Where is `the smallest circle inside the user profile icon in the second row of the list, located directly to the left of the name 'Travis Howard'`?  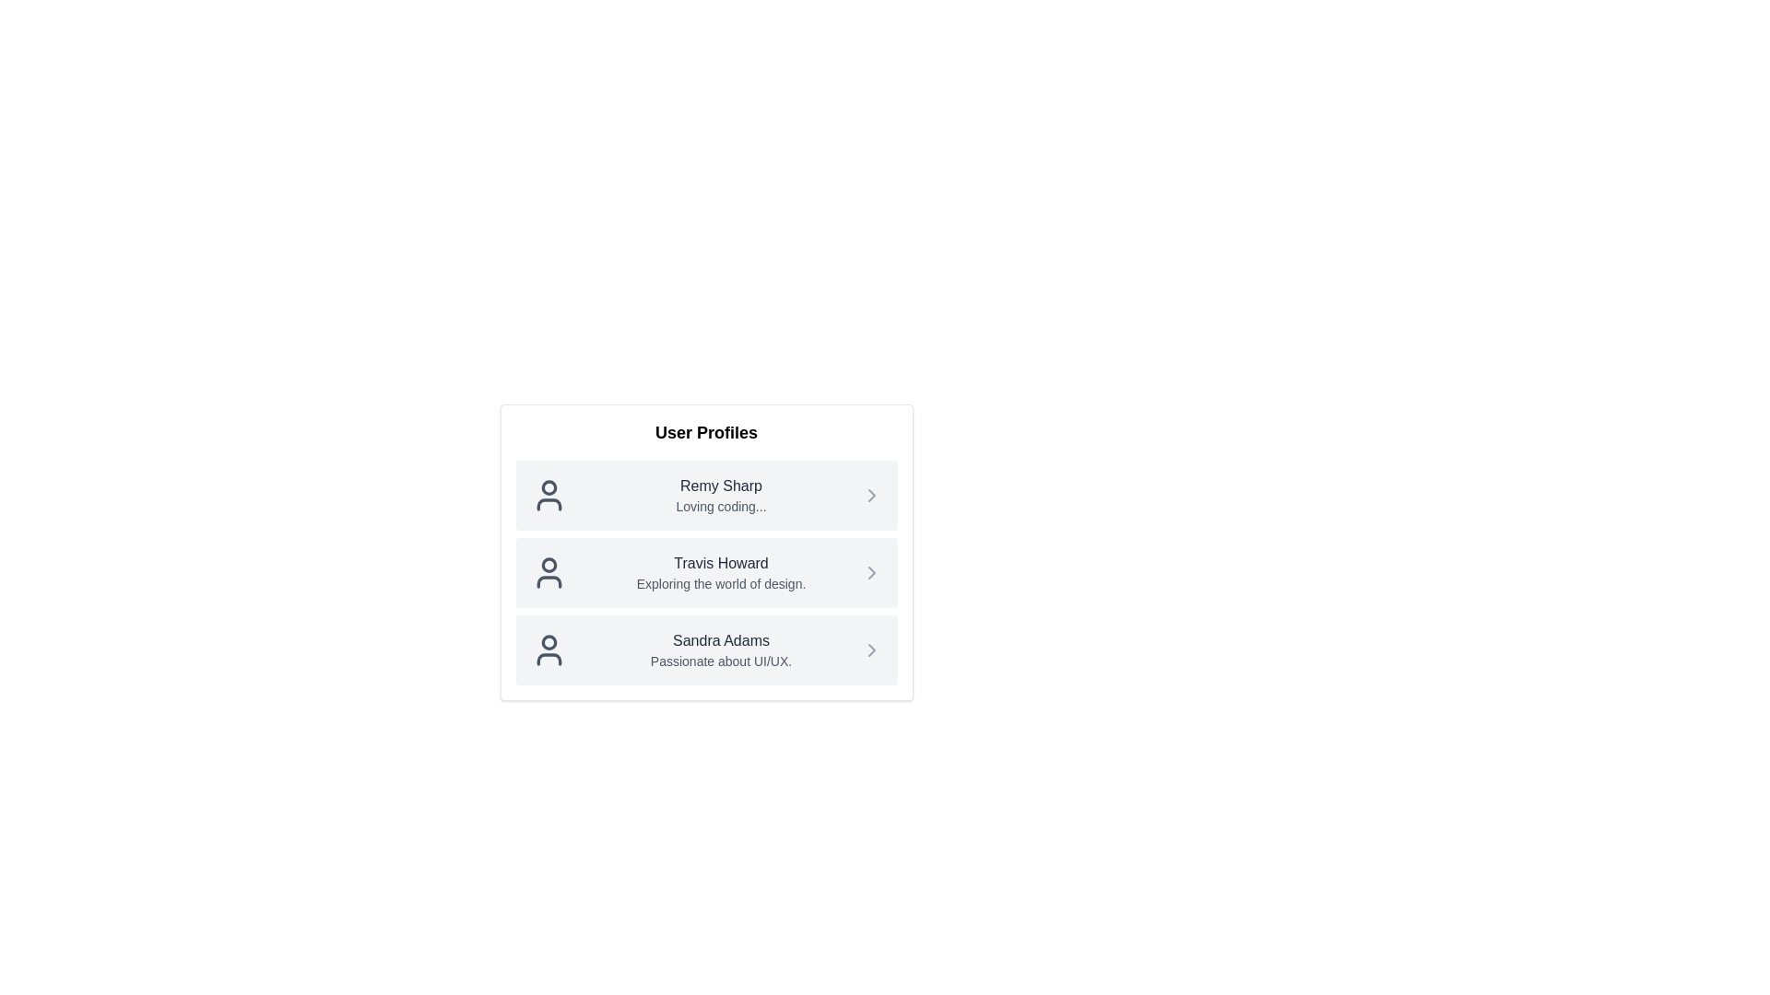 the smallest circle inside the user profile icon in the second row of the list, located directly to the left of the name 'Travis Howard' is located at coordinates (548, 564).